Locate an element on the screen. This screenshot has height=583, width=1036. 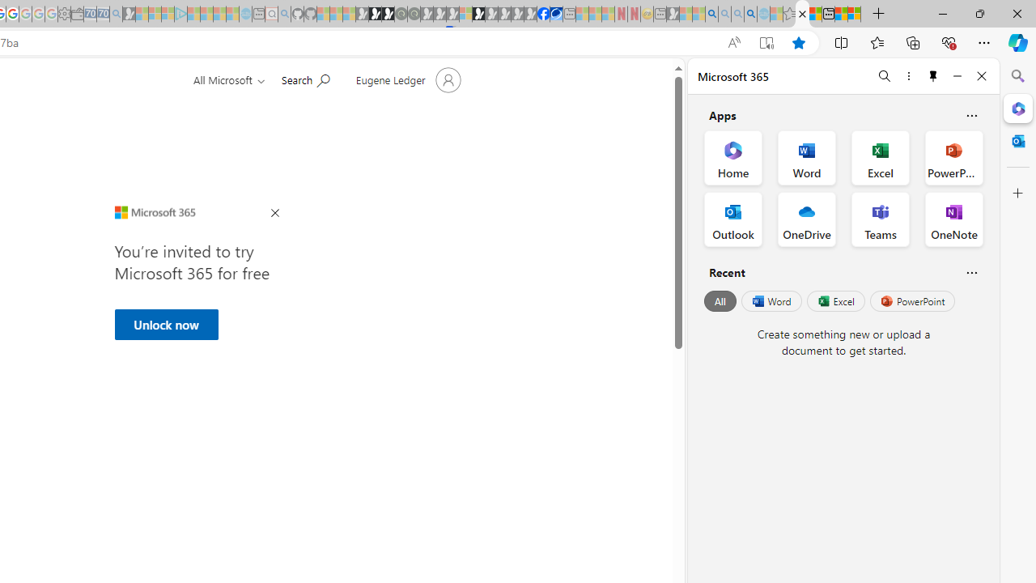
'Sign in to your account - Sleeping' is located at coordinates (465, 14).